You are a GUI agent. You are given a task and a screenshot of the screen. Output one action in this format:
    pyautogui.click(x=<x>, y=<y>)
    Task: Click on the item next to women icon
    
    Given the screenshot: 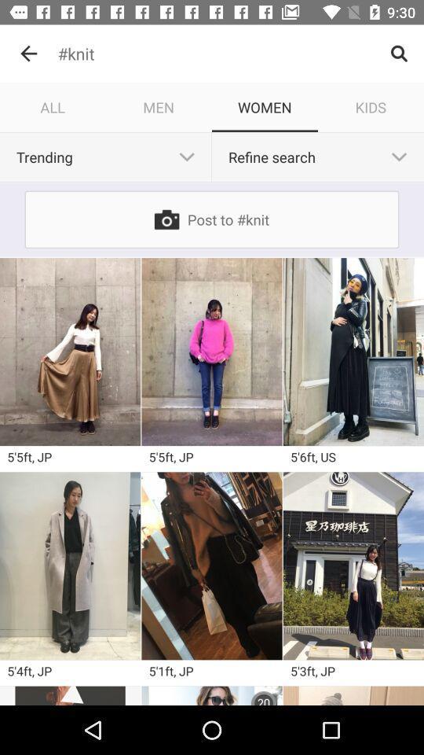 What is the action you would take?
    pyautogui.click(x=371, y=106)
    